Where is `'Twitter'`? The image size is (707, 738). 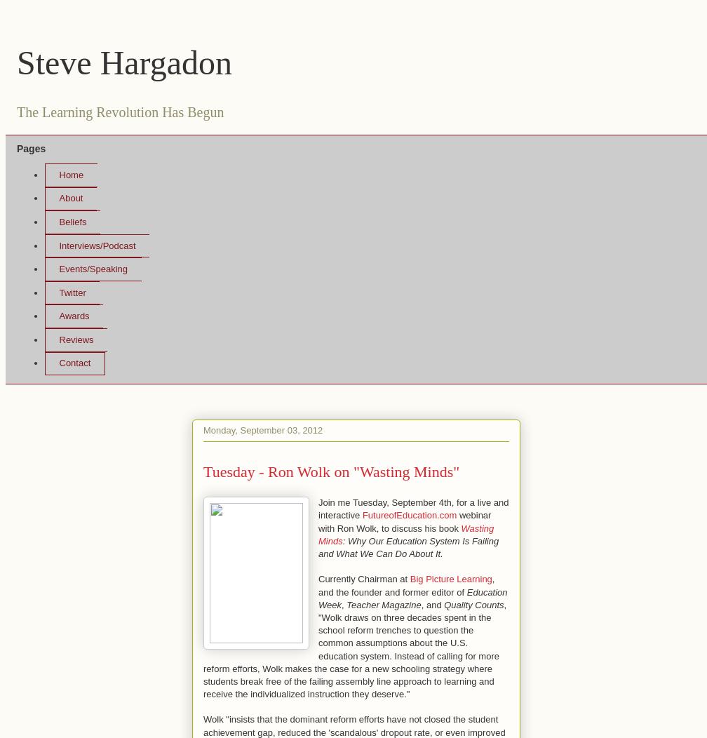 'Twitter' is located at coordinates (58, 291).